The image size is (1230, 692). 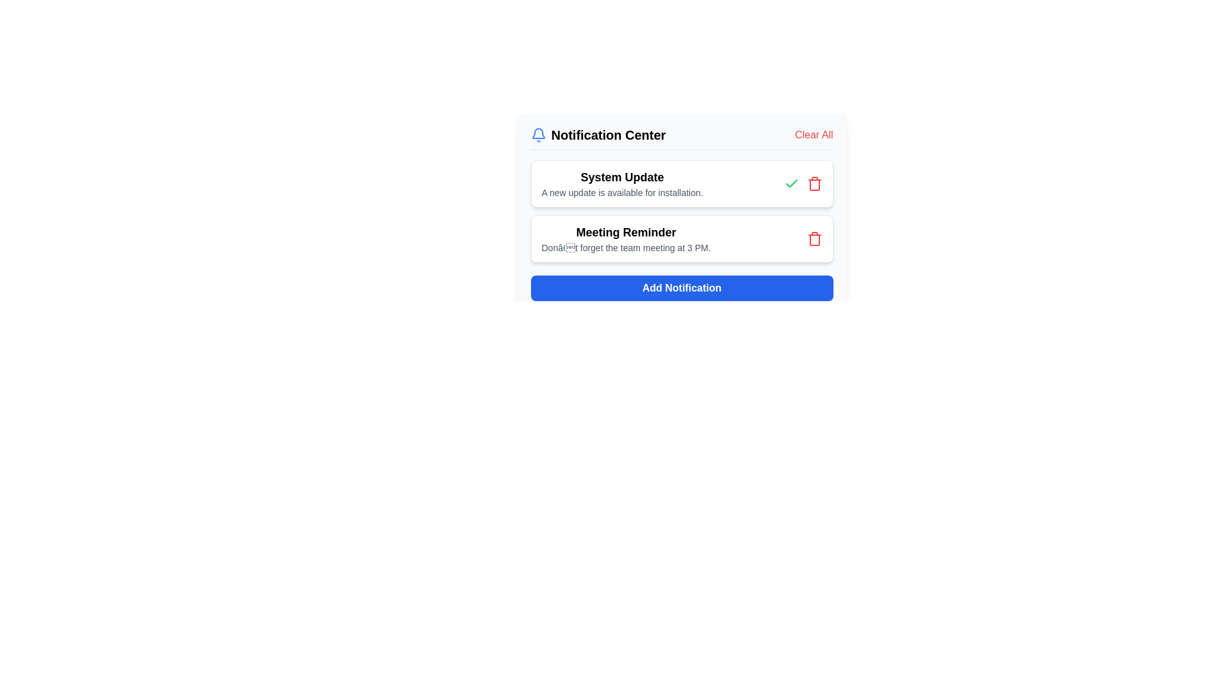 I want to click on the 'Add Notification' button, which is a rounded button with a bold white label on a blue background located at the bottom of the notification panel, so click(x=681, y=288).